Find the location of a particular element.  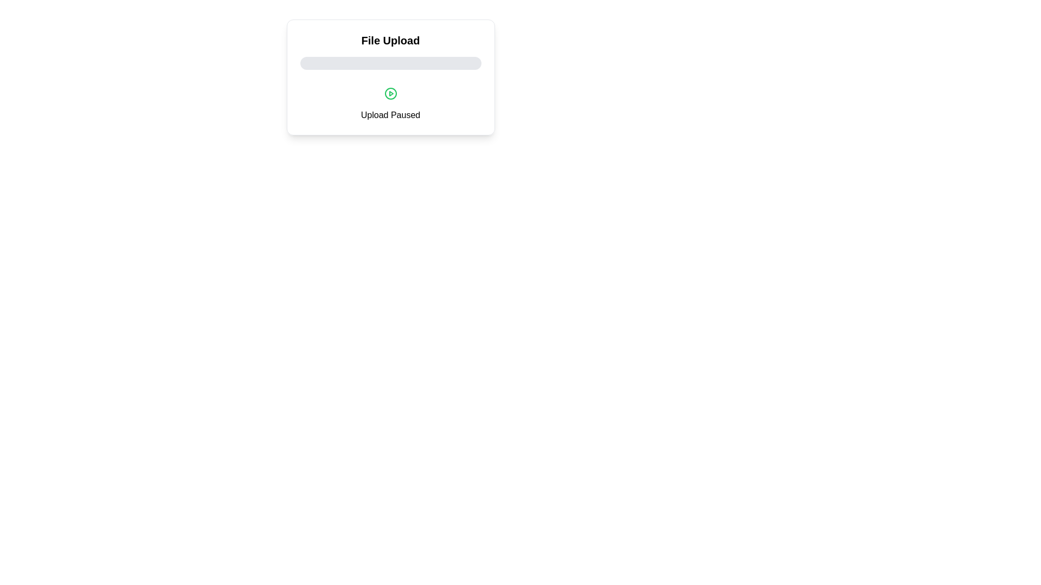

the play icon button located between the progress bar and the 'Upload Paused' text is located at coordinates (390, 93).